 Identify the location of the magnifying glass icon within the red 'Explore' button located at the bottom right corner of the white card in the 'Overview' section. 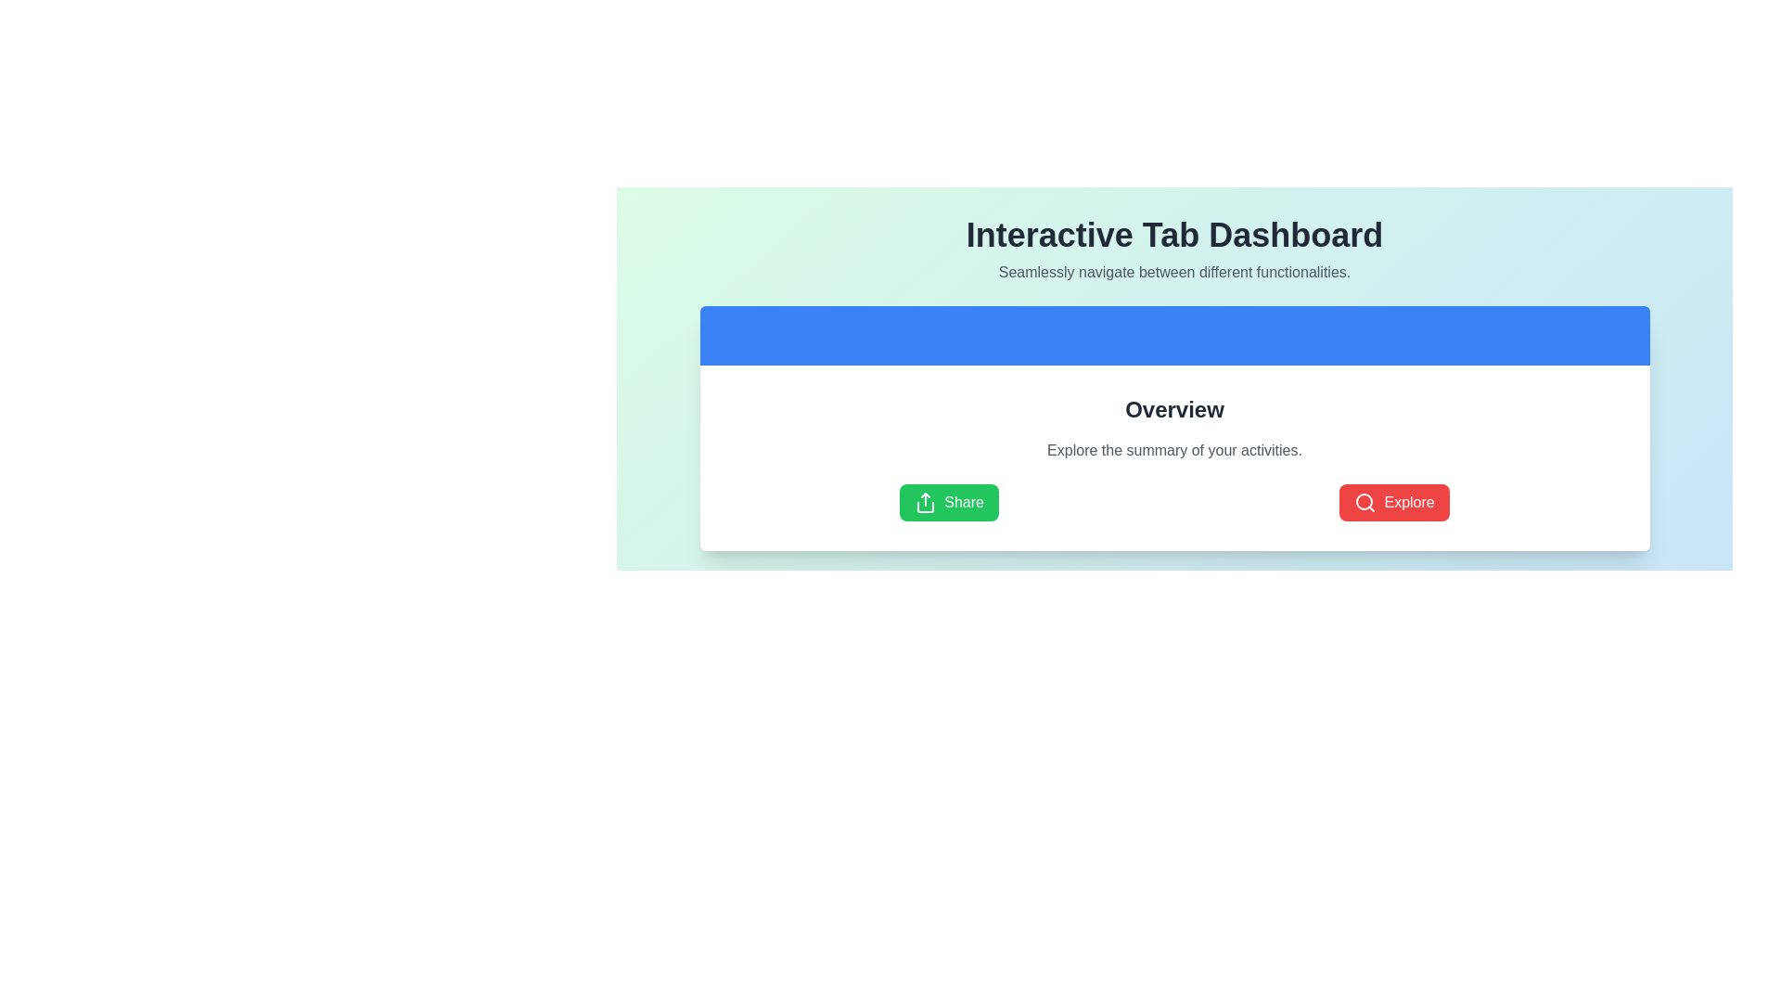
(1365, 503).